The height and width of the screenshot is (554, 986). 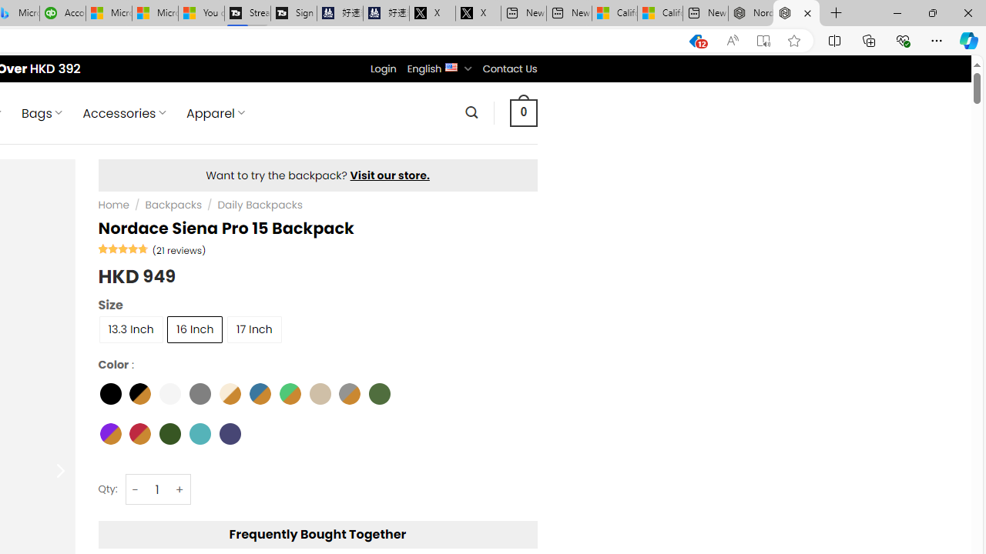 I want to click on 'Home', so click(x=112, y=205).